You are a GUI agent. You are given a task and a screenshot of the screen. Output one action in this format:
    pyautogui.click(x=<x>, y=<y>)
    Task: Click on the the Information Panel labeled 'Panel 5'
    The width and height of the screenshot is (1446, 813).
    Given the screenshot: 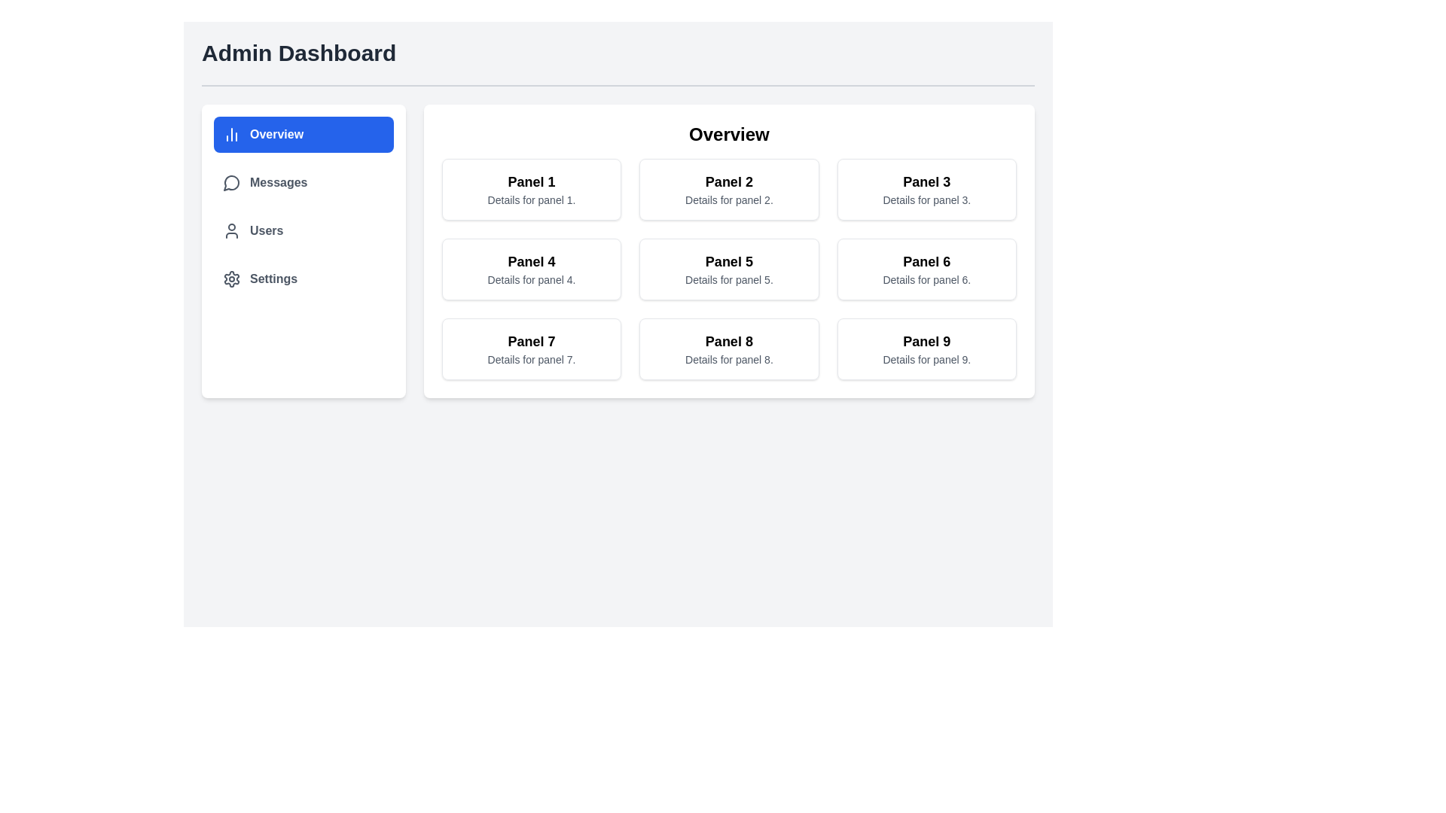 What is the action you would take?
    pyautogui.click(x=729, y=269)
    